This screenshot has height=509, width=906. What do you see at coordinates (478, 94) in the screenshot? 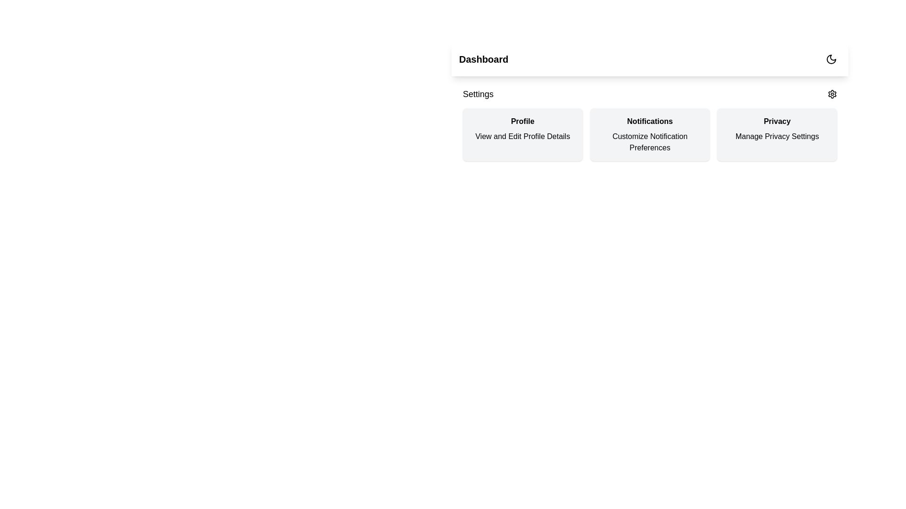
I see `the 'Settings' text label, which is prominently styled in a medium-sized, bold font and located just below the 'Dashboard' label` at bounding box center [478, 94].